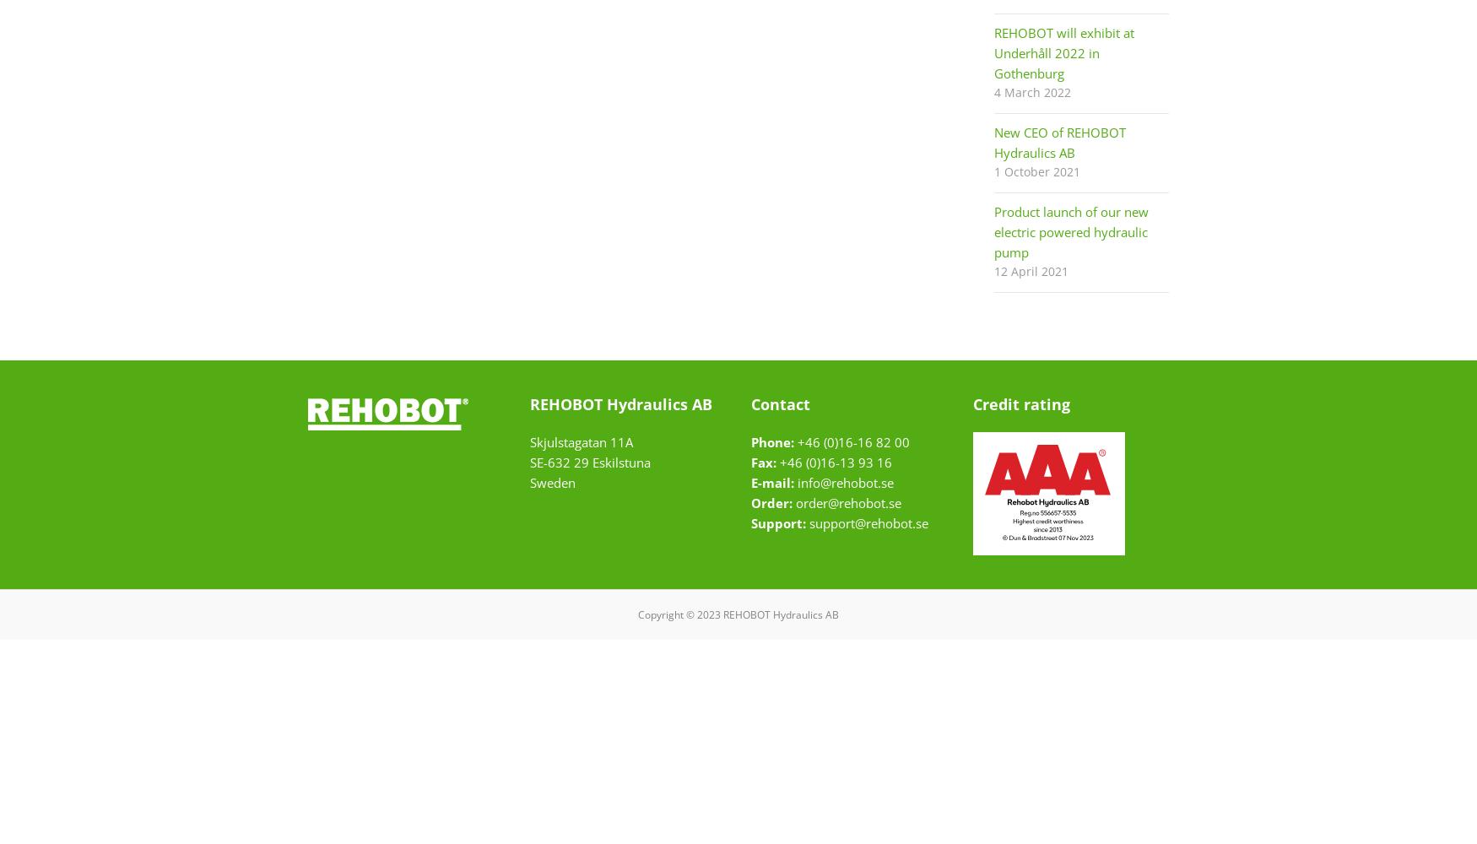 The image size is (1477, 844). I want to click on 'E-mail:', so click(771, 482).